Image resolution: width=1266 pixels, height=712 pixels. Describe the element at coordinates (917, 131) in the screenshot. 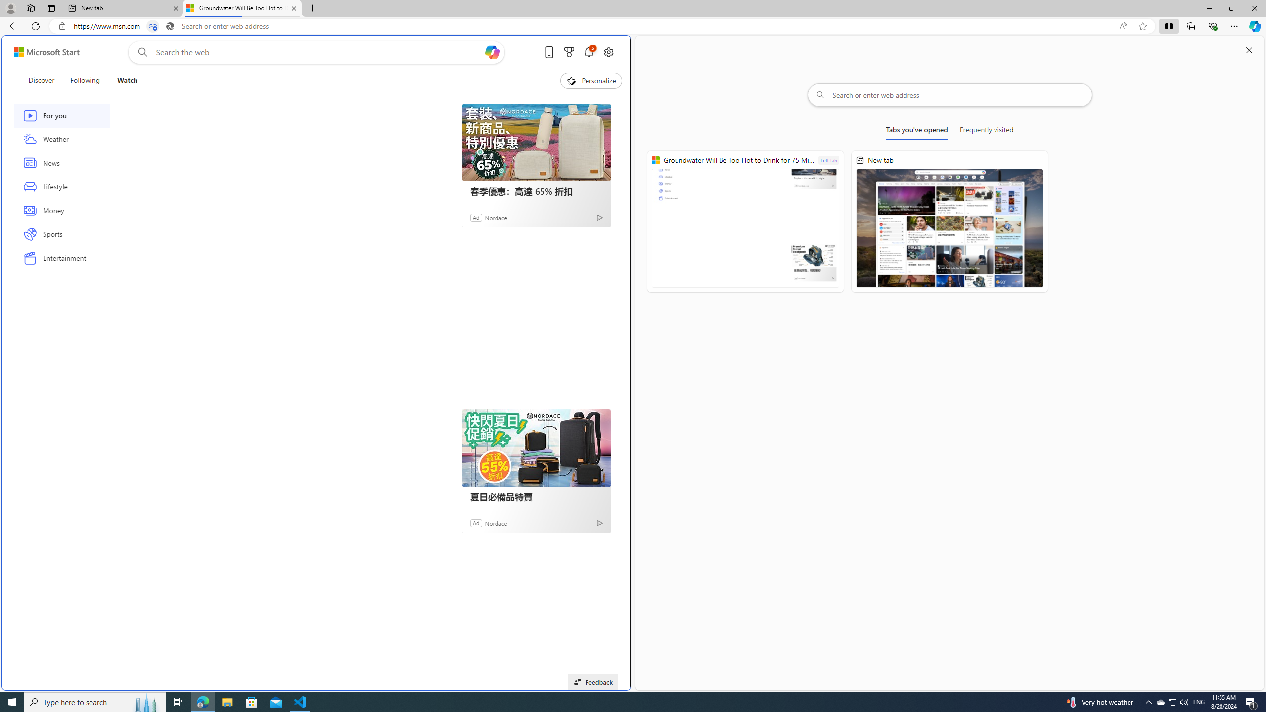

I see `'Tabs you'` at that location.